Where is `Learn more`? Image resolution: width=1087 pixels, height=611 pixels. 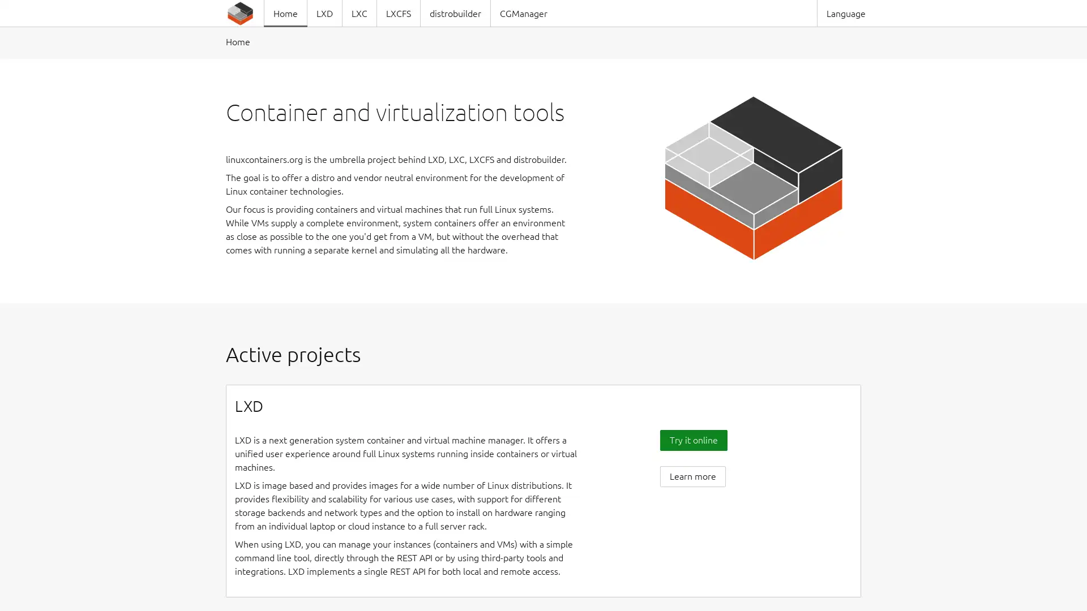 Learn more is located at coordinates (692, 476).